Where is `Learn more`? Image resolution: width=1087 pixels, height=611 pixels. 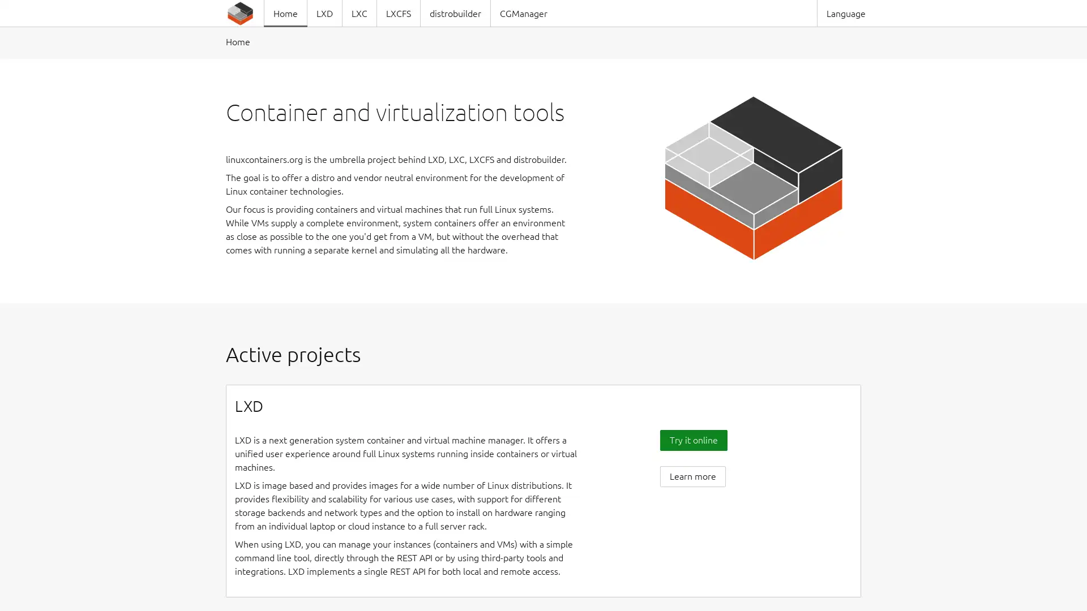 Learn more is located at coordinates (692, 476).